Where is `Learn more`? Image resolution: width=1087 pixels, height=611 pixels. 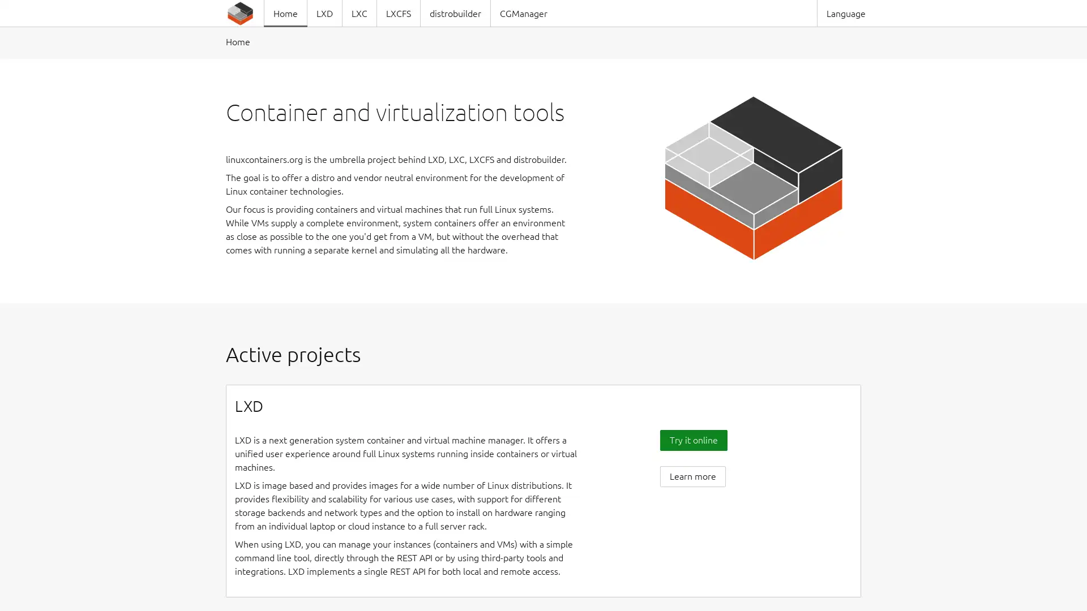 Learn more is located at coordinates (692, 476).